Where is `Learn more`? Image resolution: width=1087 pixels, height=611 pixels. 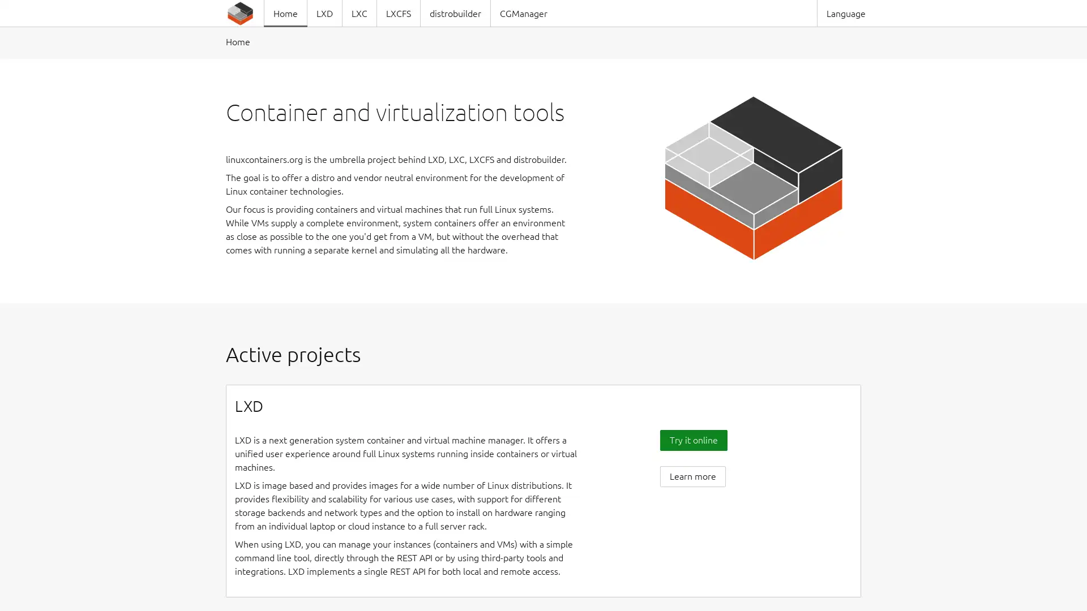 Learn more is located at coordinates (692, 476).